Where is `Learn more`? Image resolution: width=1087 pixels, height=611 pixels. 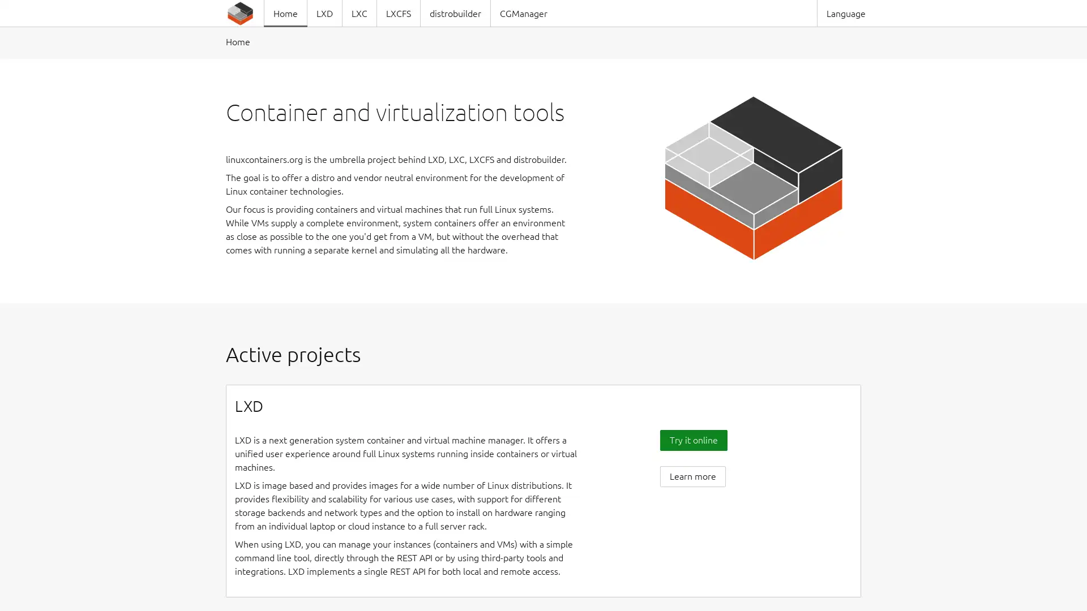 Learn more is located at coordinates (692, 476).